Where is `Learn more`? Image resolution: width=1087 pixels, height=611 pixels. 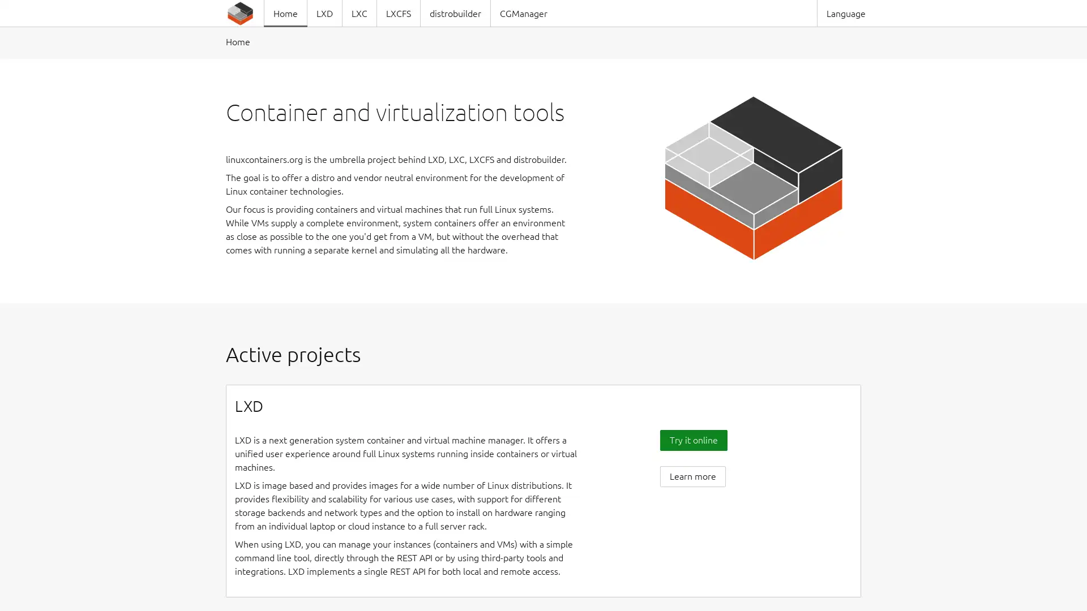 Learn more is located at coordinates (692, 476).